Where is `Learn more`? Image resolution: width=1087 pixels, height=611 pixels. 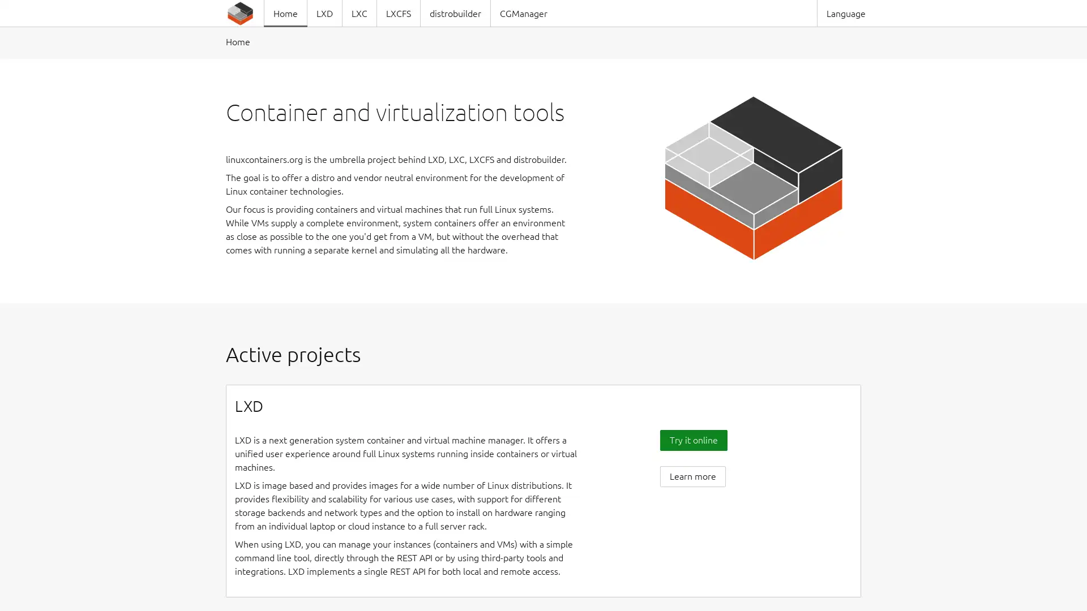 Learn more is located at coordinates (692, 476).